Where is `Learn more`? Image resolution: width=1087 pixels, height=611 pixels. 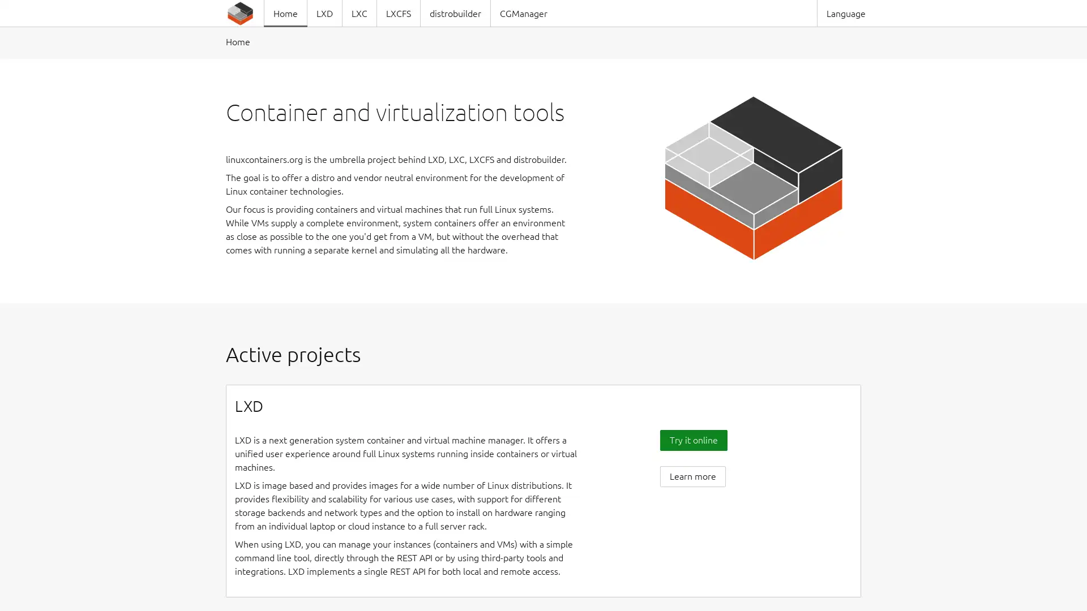 Learn more is located at coordinates (692, 476).